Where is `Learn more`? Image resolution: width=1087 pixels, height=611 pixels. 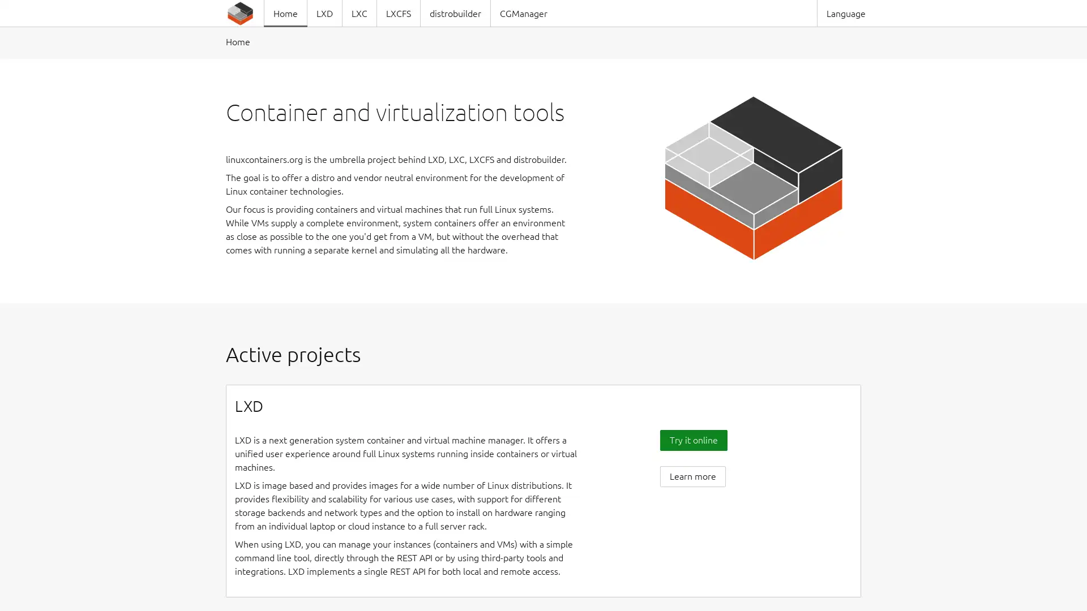 Learn more is located at coordinates (692, 476).